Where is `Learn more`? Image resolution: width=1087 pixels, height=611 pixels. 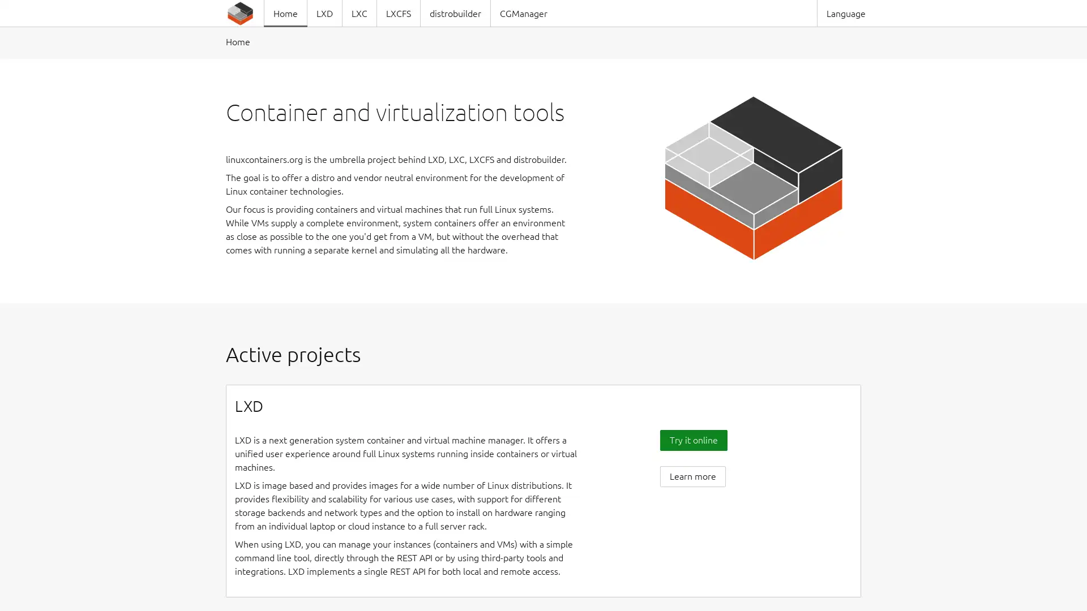 Learn more is located at coordinates (692, 476).